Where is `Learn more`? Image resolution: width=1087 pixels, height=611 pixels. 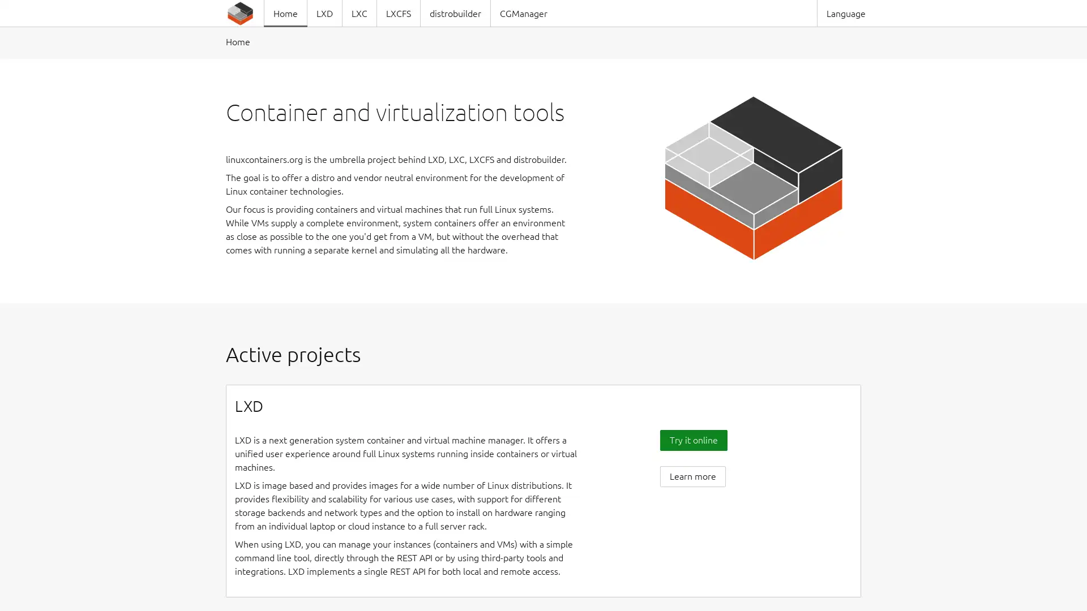 Learn more is located at coordinates (692, 476).